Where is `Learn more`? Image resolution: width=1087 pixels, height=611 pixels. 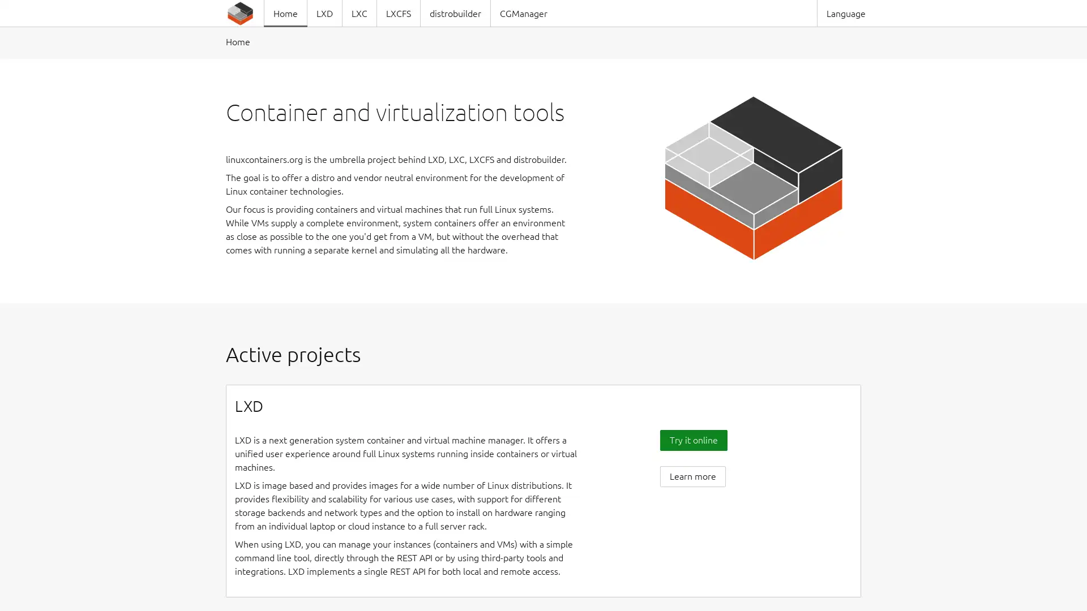 Learn more is located at coordinates (692, 476).